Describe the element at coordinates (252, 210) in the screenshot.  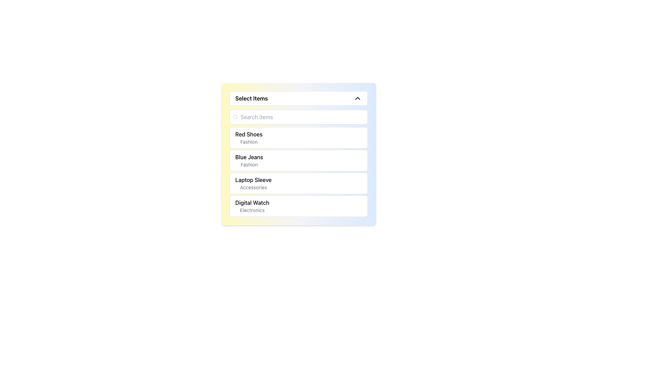
I see `text label 'Electronics' which is positioned directly below 'Digital Watch' in the dropdown interface` at that location.